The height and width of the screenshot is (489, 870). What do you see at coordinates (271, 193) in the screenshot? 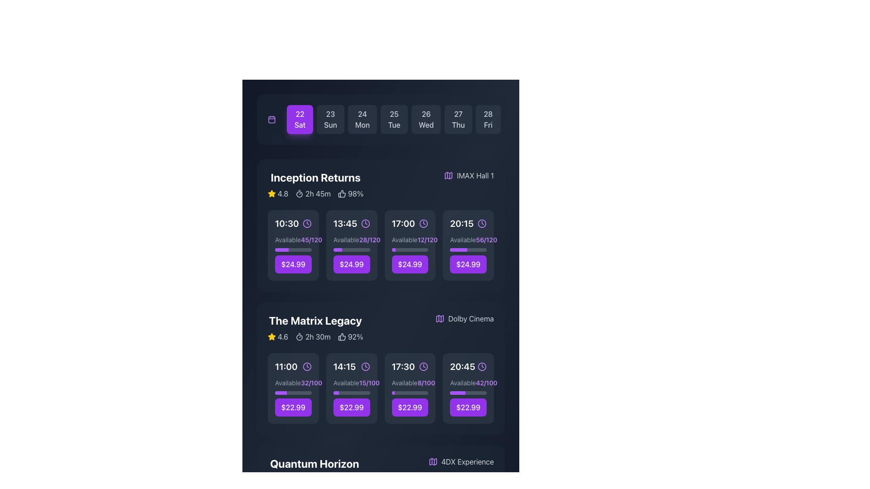
I see `the yellow five-pointed star icon located in the 'Inception Returns' section, next to the numerical rating '4.8'` at bounding box center [271, 193].